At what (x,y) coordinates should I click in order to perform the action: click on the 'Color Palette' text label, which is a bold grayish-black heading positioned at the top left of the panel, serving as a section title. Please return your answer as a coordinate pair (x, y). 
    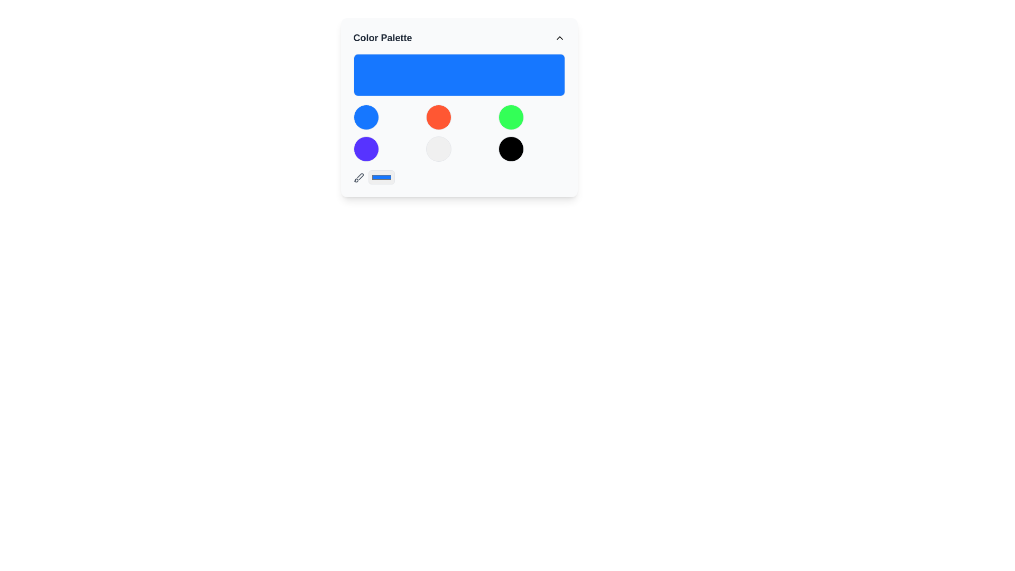
    Looking at the image, I should click on (382, 38).